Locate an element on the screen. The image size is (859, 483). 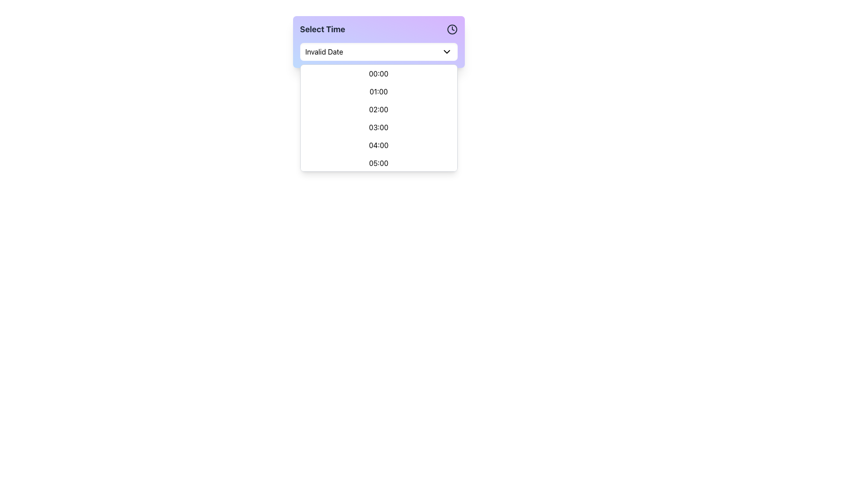
the dropdown menu located at the top center of the first interactive card in the list is located at coordinates (378, 42).